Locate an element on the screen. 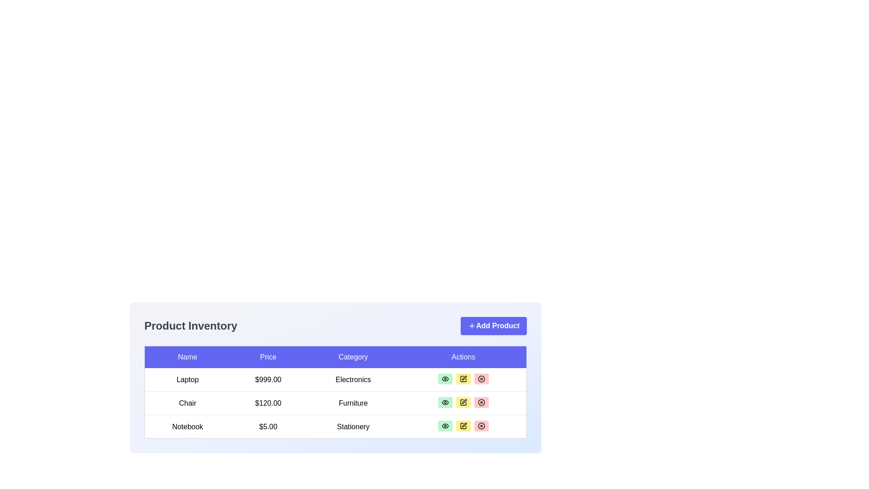  the small green button with rounded corners and an eye icon in the 'Actions' column of the 'Product Inventory' table is located at coordinates (445, 402).